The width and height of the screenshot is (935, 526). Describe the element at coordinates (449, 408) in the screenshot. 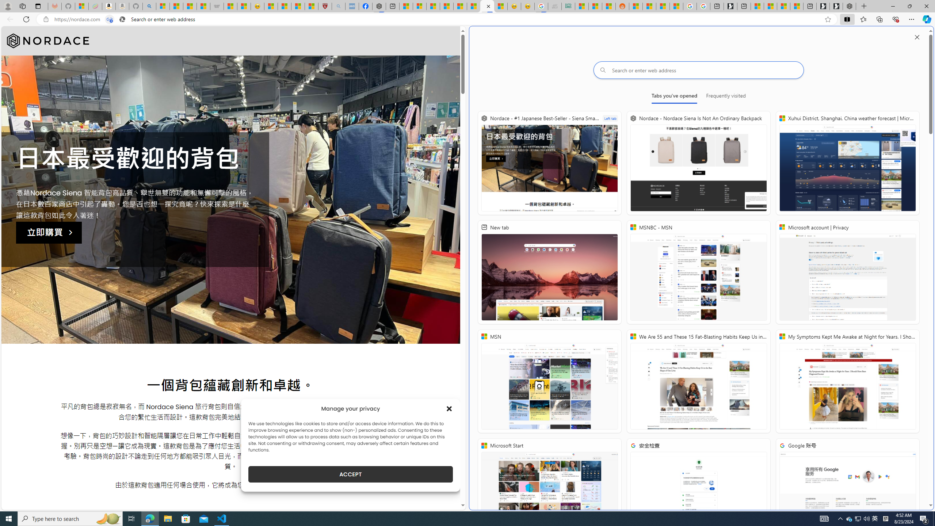

I see `'Class: cmplz-close'` at that location.